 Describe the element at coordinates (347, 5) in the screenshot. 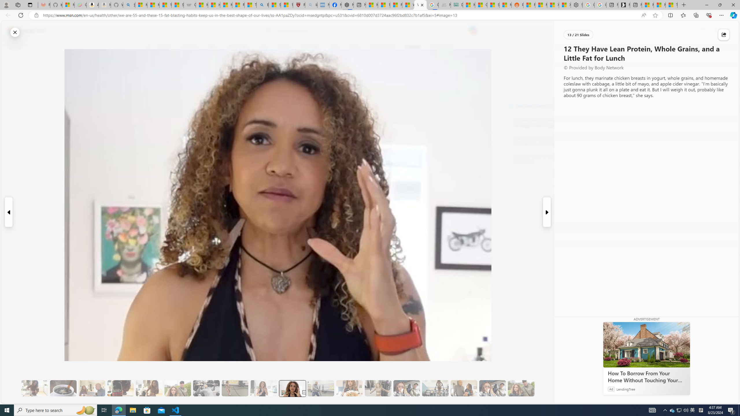

I see `'Nordace - Nordace Siena Is Not An Ordinary Backpack'` at that location.